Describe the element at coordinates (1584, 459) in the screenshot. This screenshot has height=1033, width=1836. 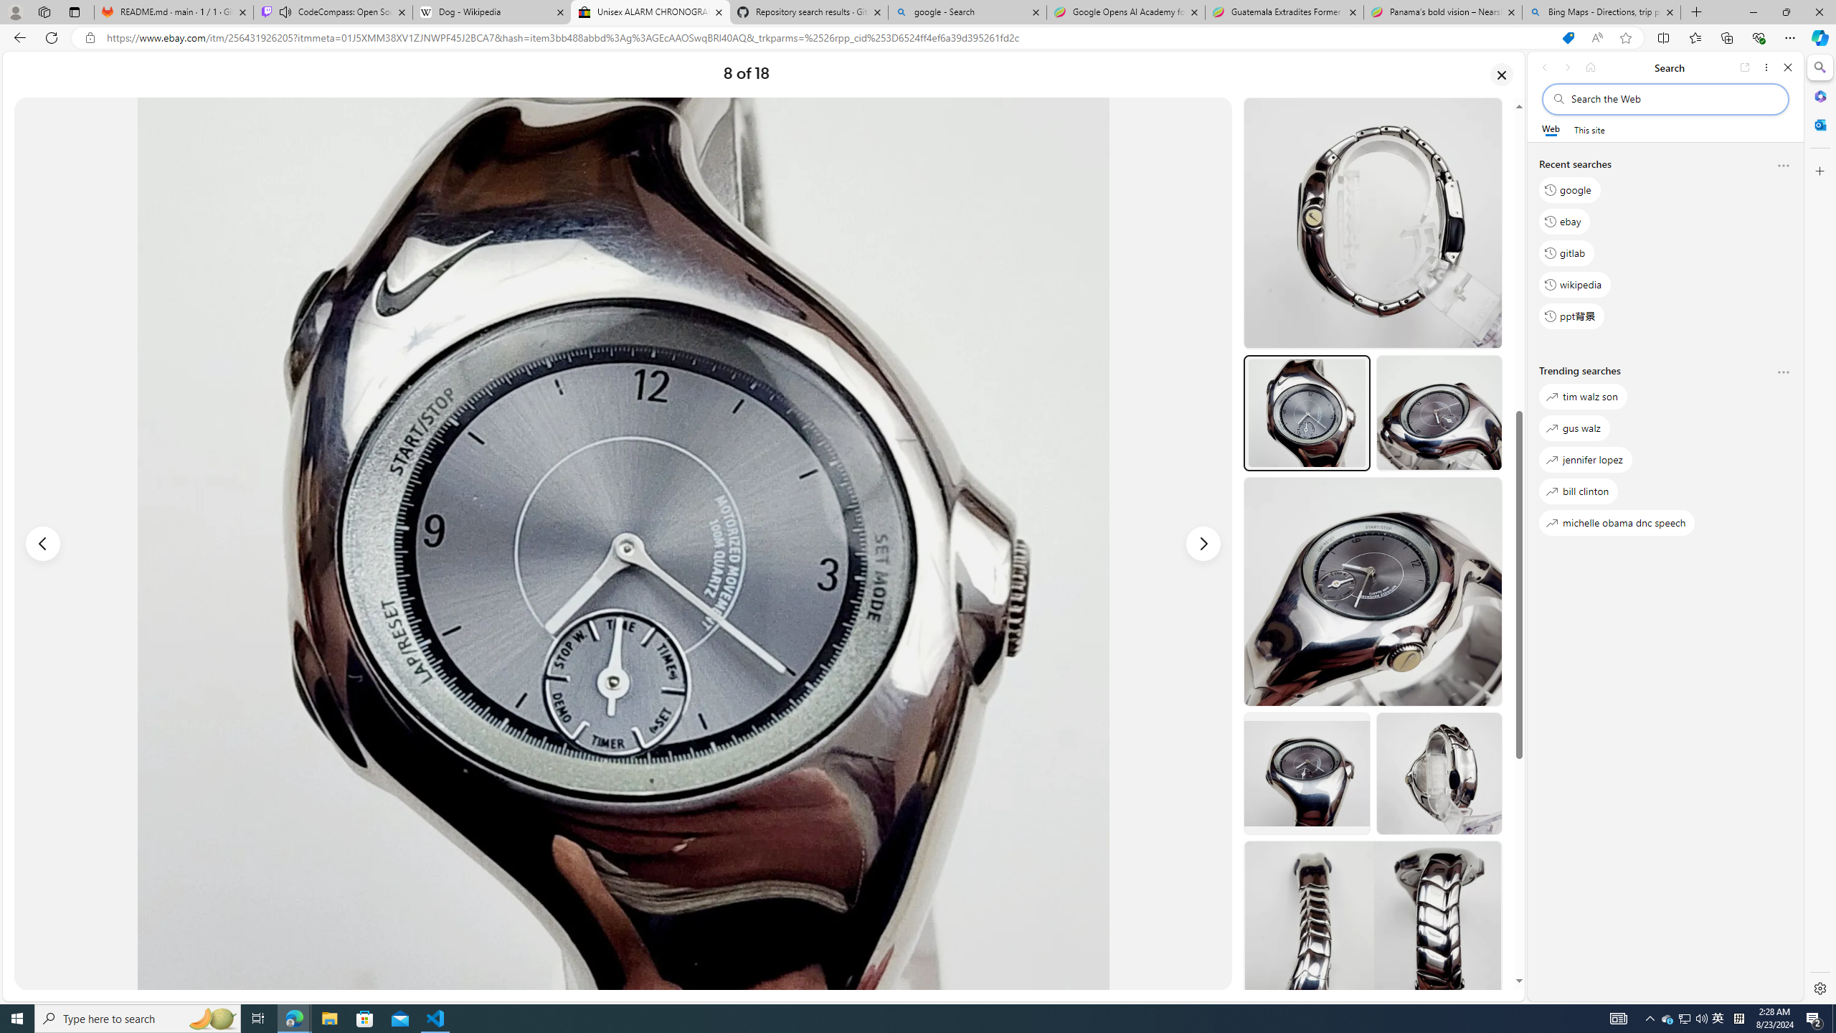
I see `'jennifer lopez'` at that location.